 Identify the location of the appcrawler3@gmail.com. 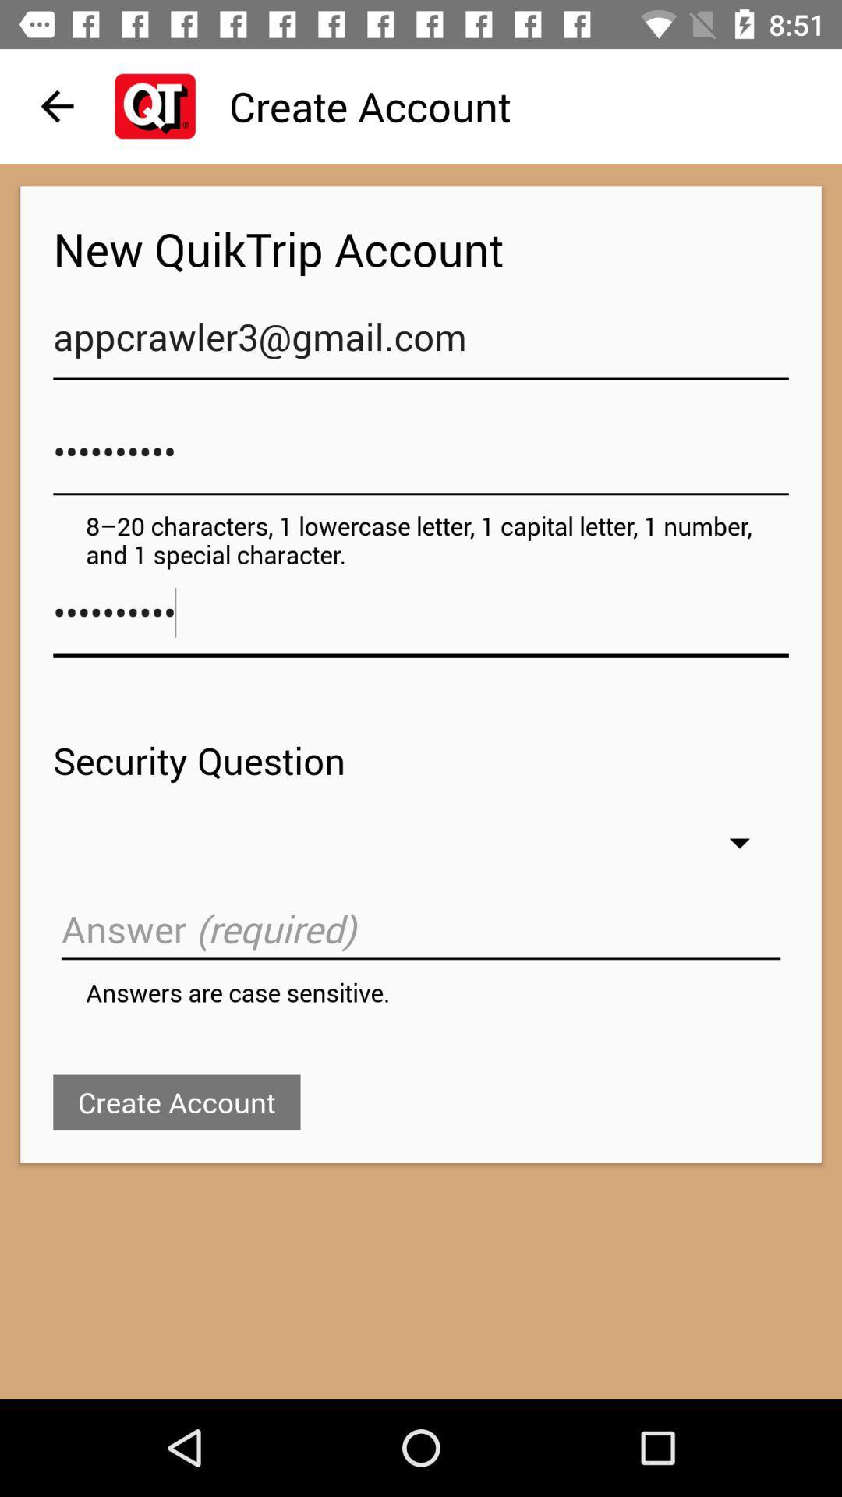
(421, 344).